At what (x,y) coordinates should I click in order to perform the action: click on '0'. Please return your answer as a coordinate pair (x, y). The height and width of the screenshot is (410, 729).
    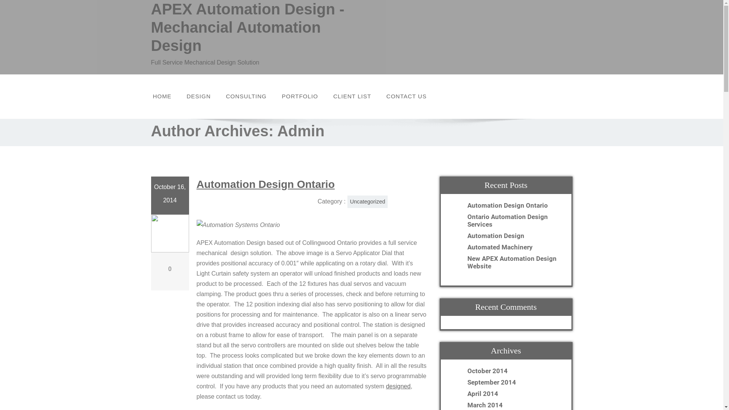
    Looking at the image, I should click on (167, 268).